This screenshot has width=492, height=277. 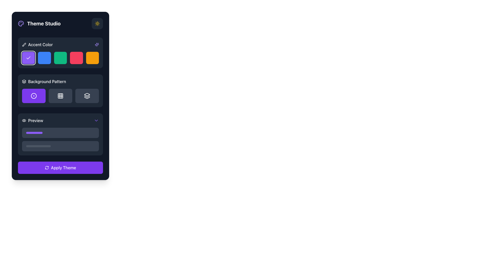 What do you see at coordinates (76, 58) in the screenshot?
I see `the rectangular button with a red background color located in the fourth position of the horizontal row of buttons in the 'Accent Color' section` at bounding box center [76, 58].